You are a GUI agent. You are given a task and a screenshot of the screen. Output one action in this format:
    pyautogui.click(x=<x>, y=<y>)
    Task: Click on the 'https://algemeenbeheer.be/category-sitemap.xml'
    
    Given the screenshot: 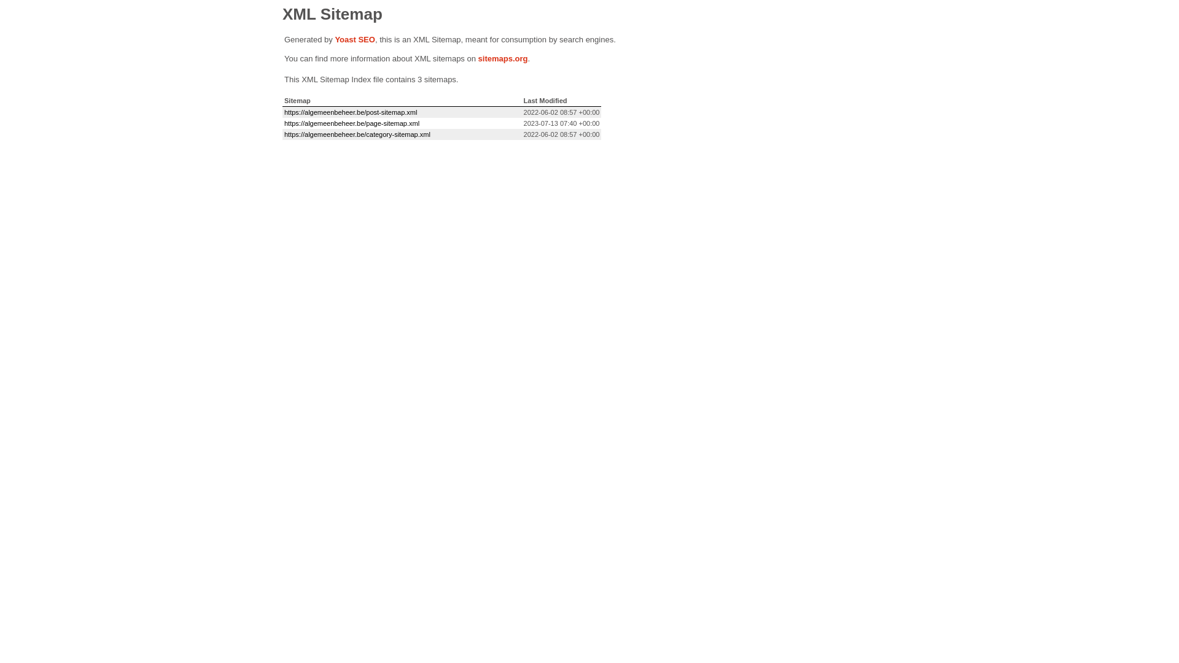 What is the action you would take?
    pyautogui.click(x=356, y=134)
    